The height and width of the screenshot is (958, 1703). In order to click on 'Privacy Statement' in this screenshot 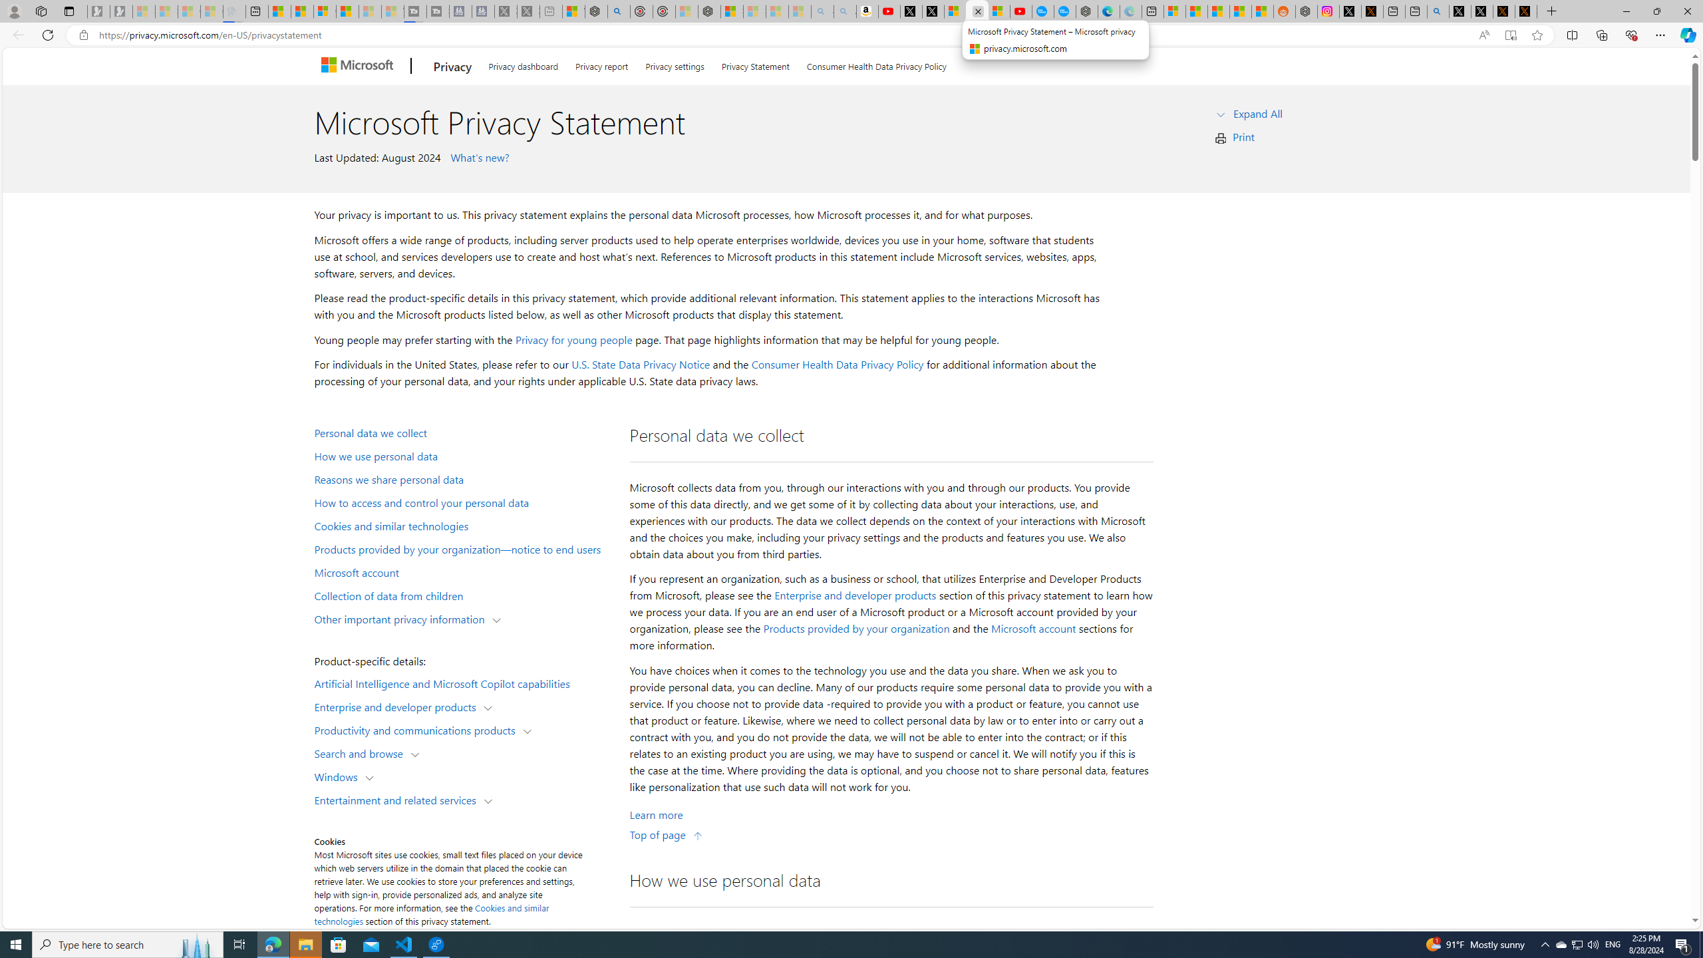, I will do `click(754, 63)`.